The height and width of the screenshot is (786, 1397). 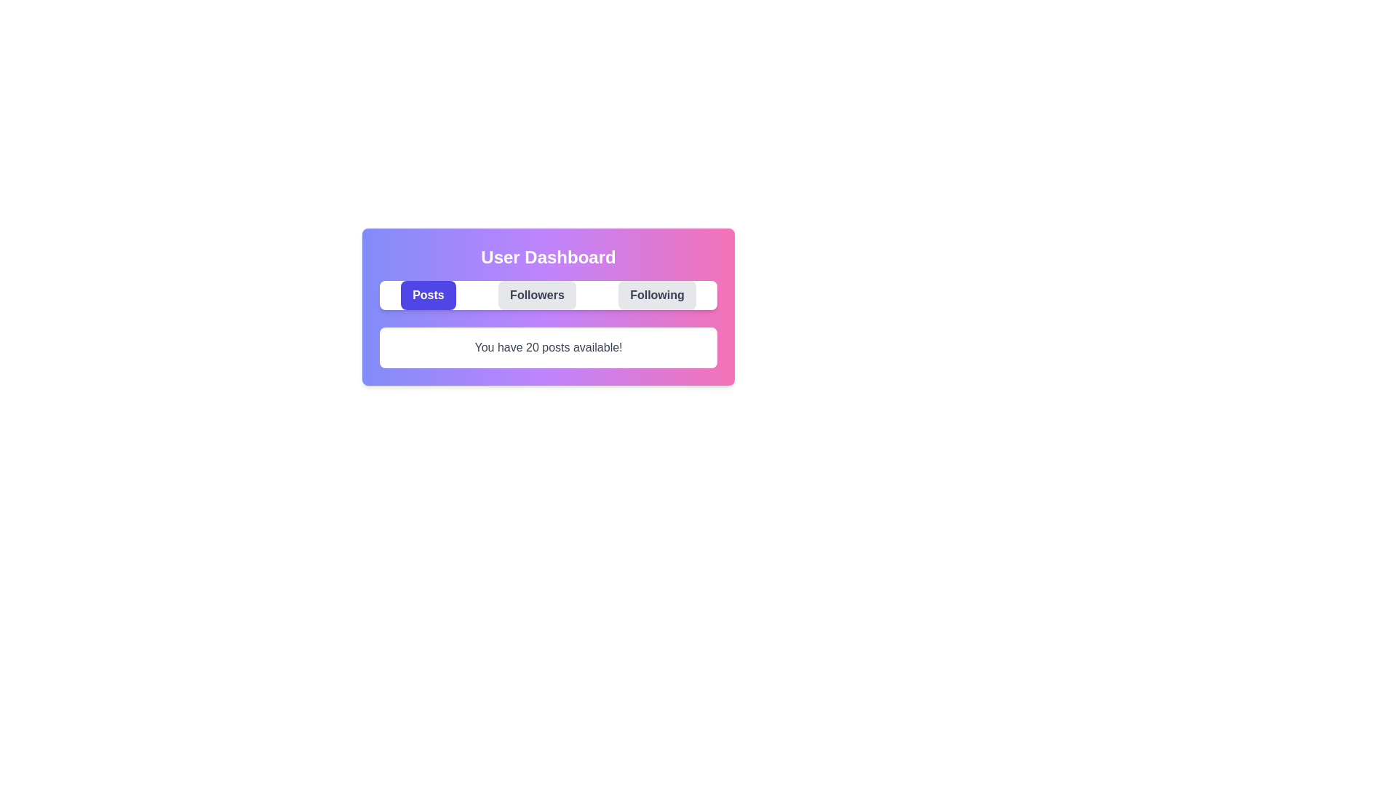 What do you see at coordinates (656, 295) in the screenshot?
I see `the third button to the right of 'Followers' in the horizontal grouping of buttons below the 'User Dashboard' section` at bounding box center [656, 295].